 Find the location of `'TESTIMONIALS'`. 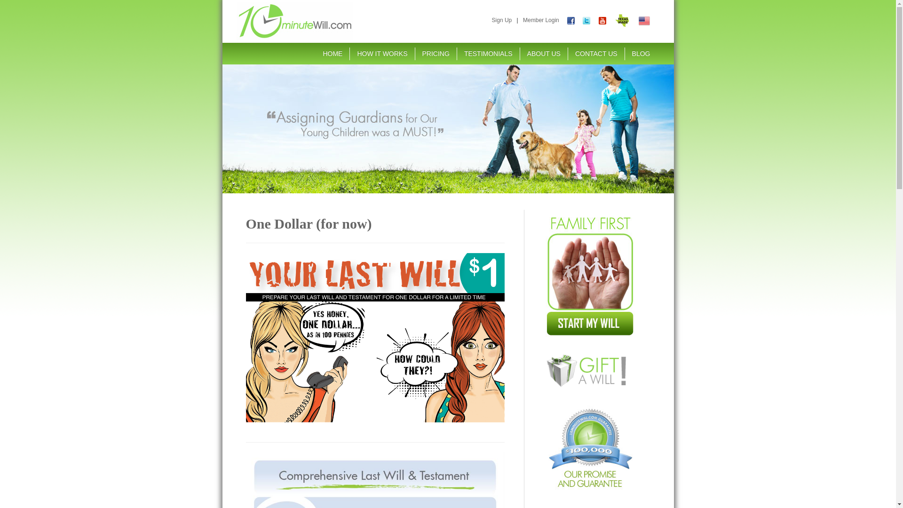

'TESTIMONIALS' is located at coordinates (457, 54).